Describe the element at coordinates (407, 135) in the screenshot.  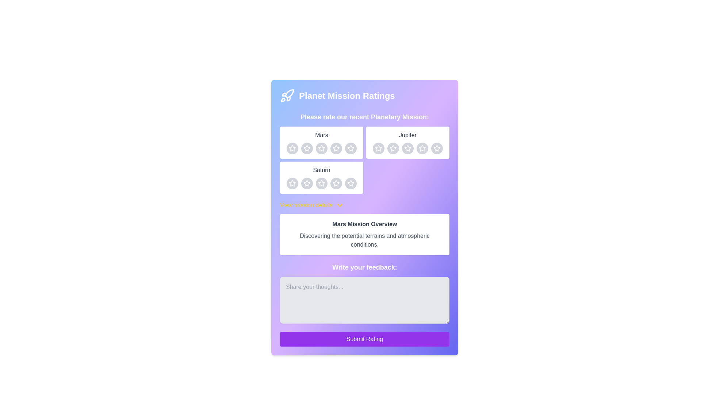
I see `the static text label indicating the rating section for the planet Jupiter, located in the top-right section of the interface above the star rating icons` at that location.